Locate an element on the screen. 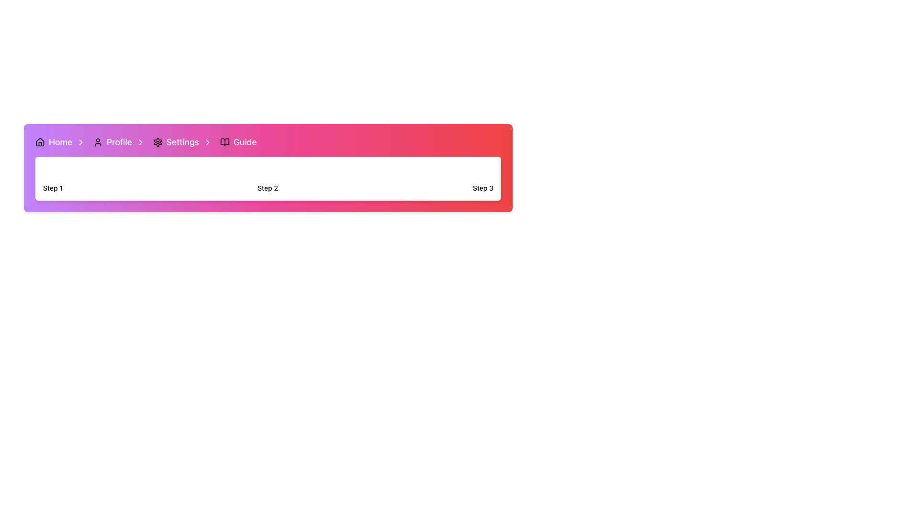  the house icon located at the top left corner of the navigation bar to go to the homepage is located at coordinates (39, 142).